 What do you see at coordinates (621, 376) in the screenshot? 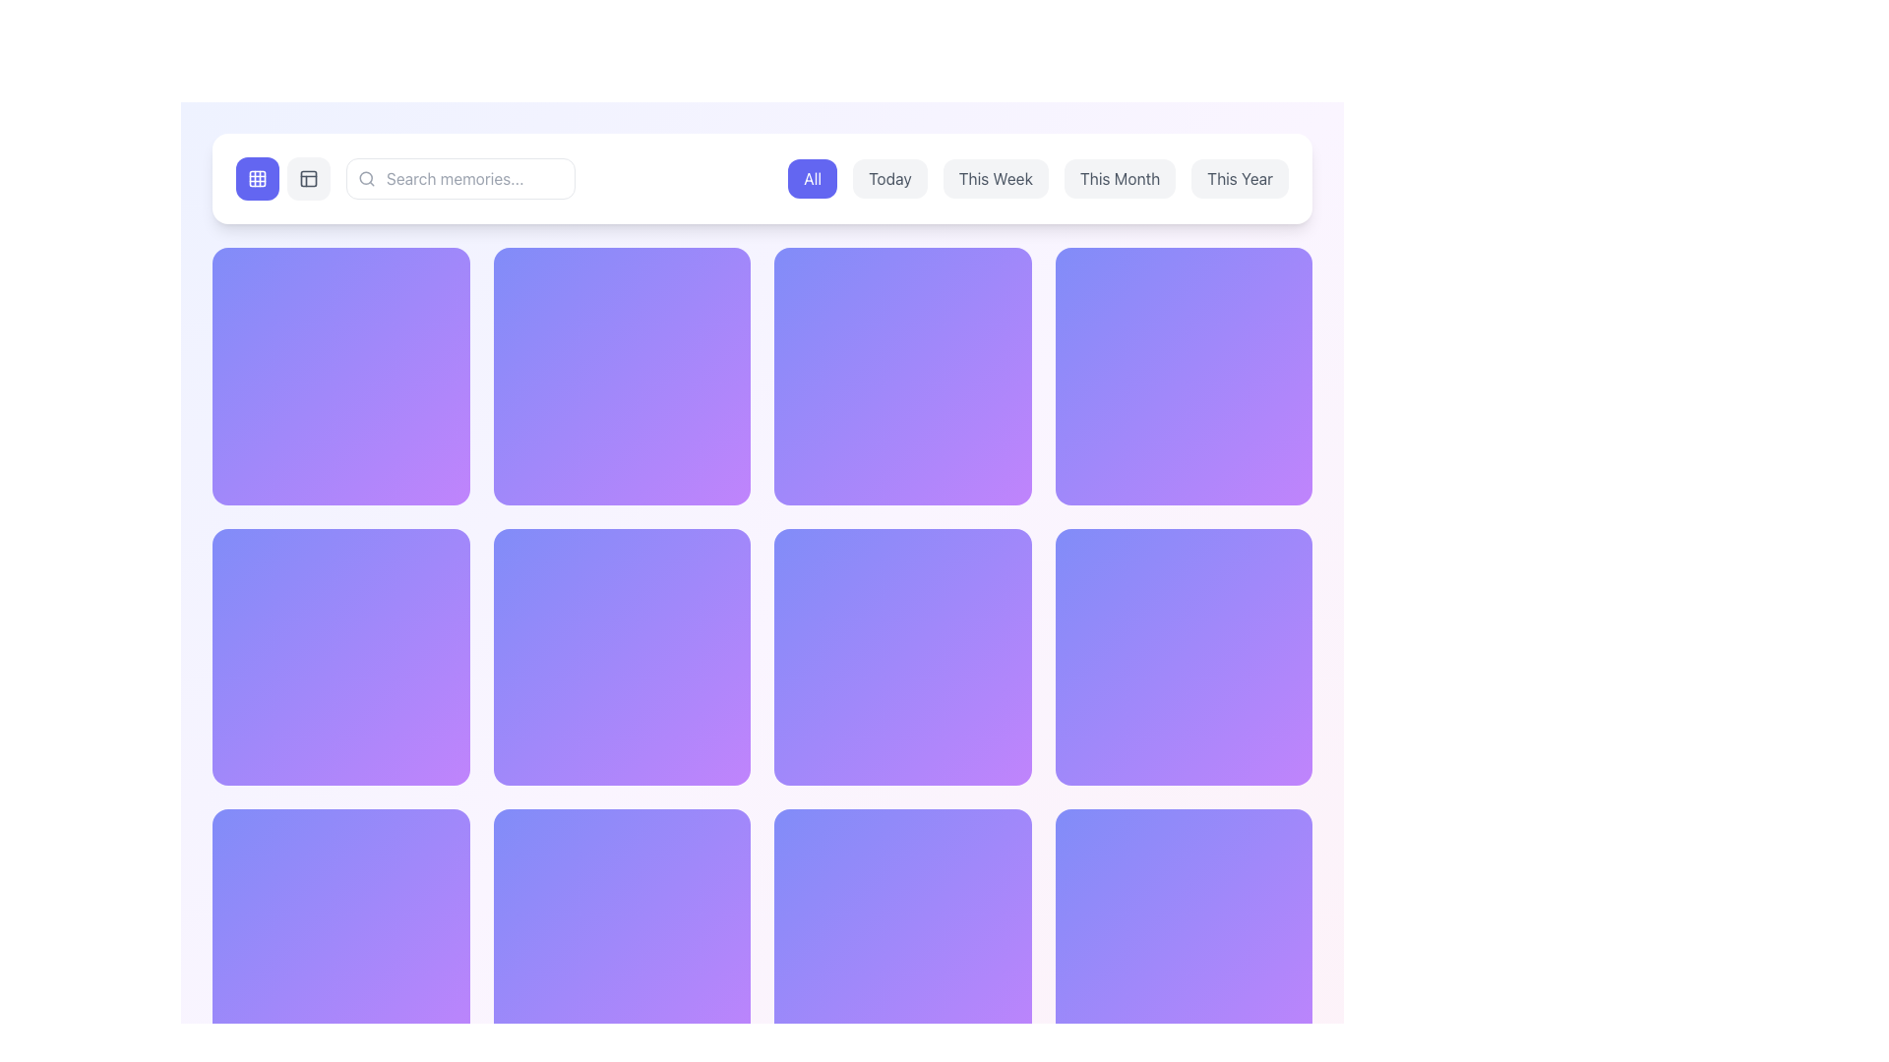
I see `the date card or memory block` at bounding box center [621, 376].